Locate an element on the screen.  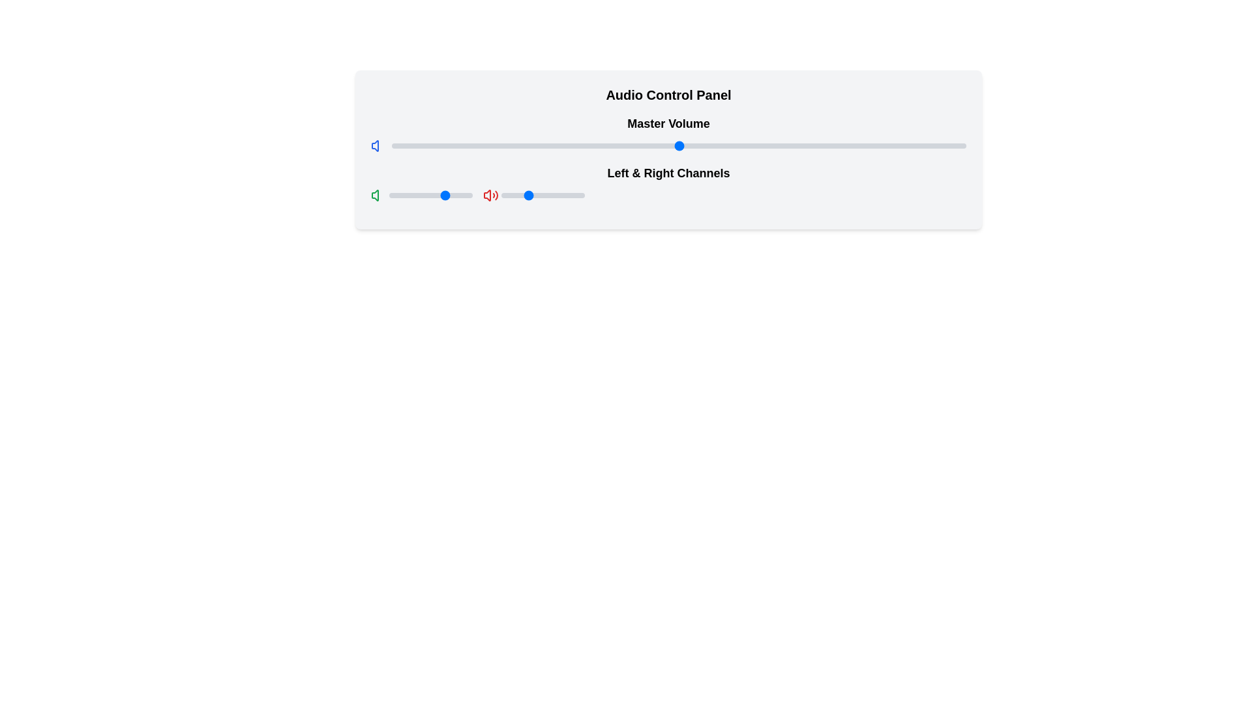
the balance of left and right audio channels is located at coordinates (523, 196).